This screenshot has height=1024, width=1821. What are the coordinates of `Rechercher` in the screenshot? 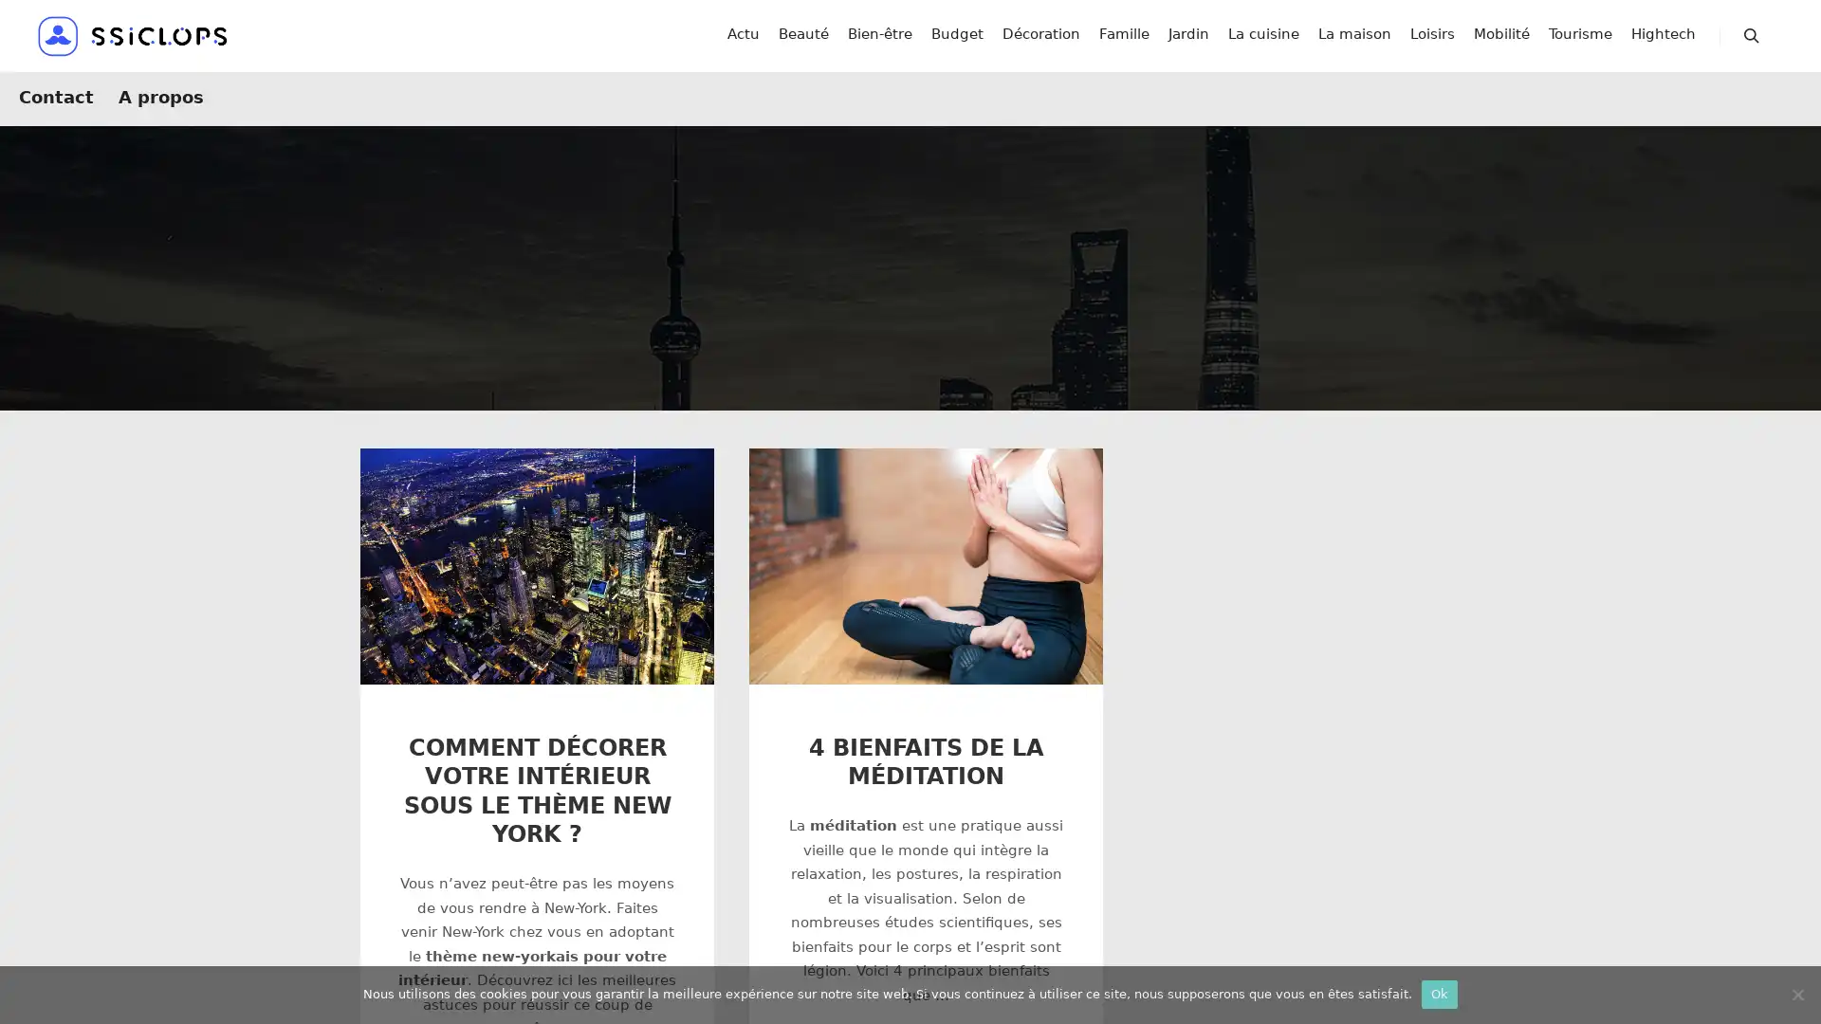 It's located at (1751, 43).